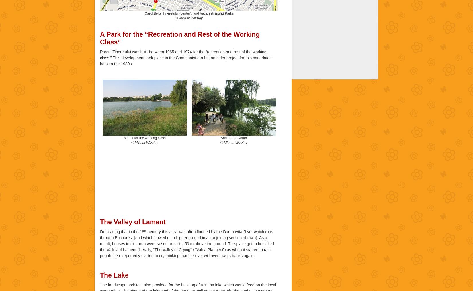  I want to click on 'Parcul Tineretului was built between 1965 and 1974 for the “recreation and rest of the working class.” This development took place in the Communist era but an older project for this park dates back to the 1930s.', so click(100, 57).